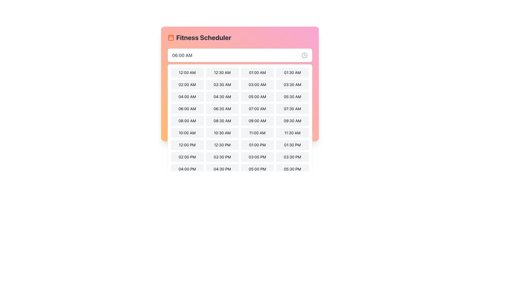 This screenshot has width=526, height=296. I want to click on the button labeled '08:00 AM', which is styled as a rounded rectangle with a light gray background and black text, so click(187, 120).